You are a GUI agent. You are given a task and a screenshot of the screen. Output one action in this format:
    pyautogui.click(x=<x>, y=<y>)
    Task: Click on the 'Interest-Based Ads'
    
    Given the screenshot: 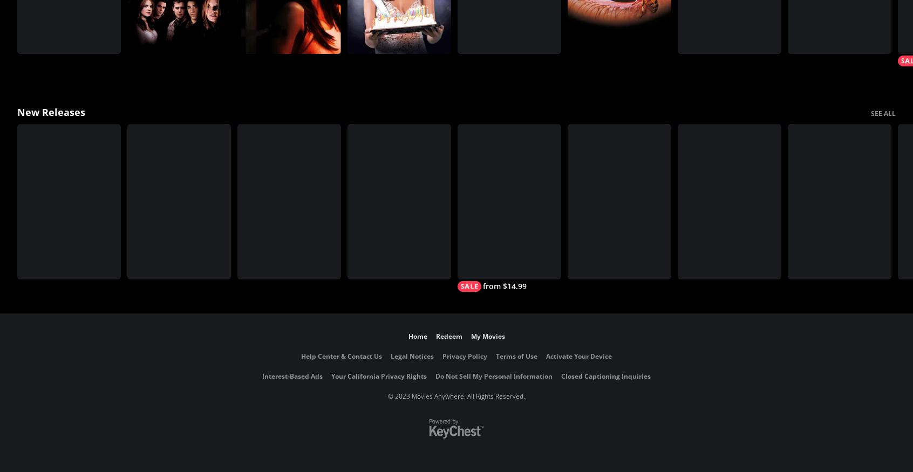 What is the action you would take?
    pyautogui.click(x=292, y=376)
    